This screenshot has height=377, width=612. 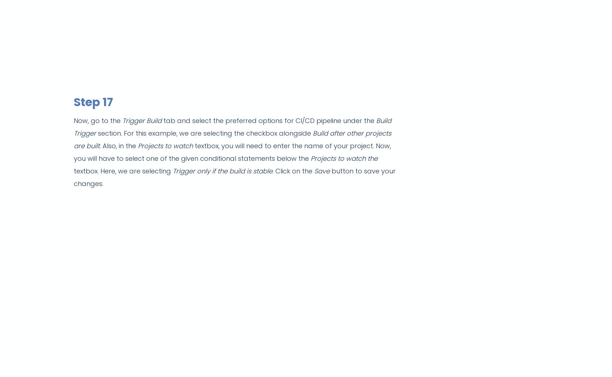 I want to click on 'Projects to watch the', so click(x=344, y=158).